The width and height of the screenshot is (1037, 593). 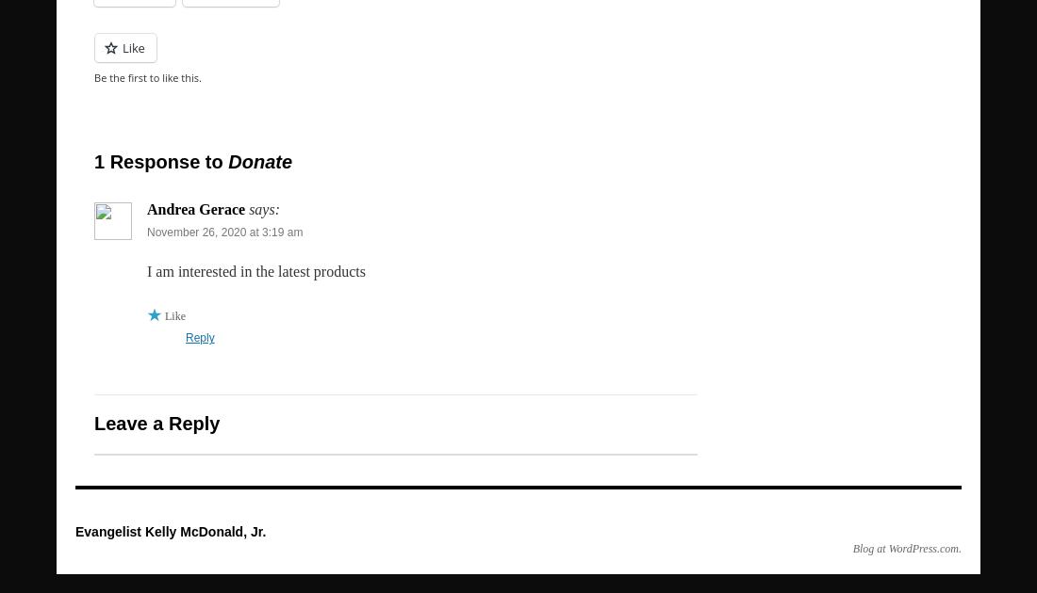 What do you see at coordinates (145, 209) in the screenshot?
I see `'Andrea Gerace'` at bounding box center [145, 209].